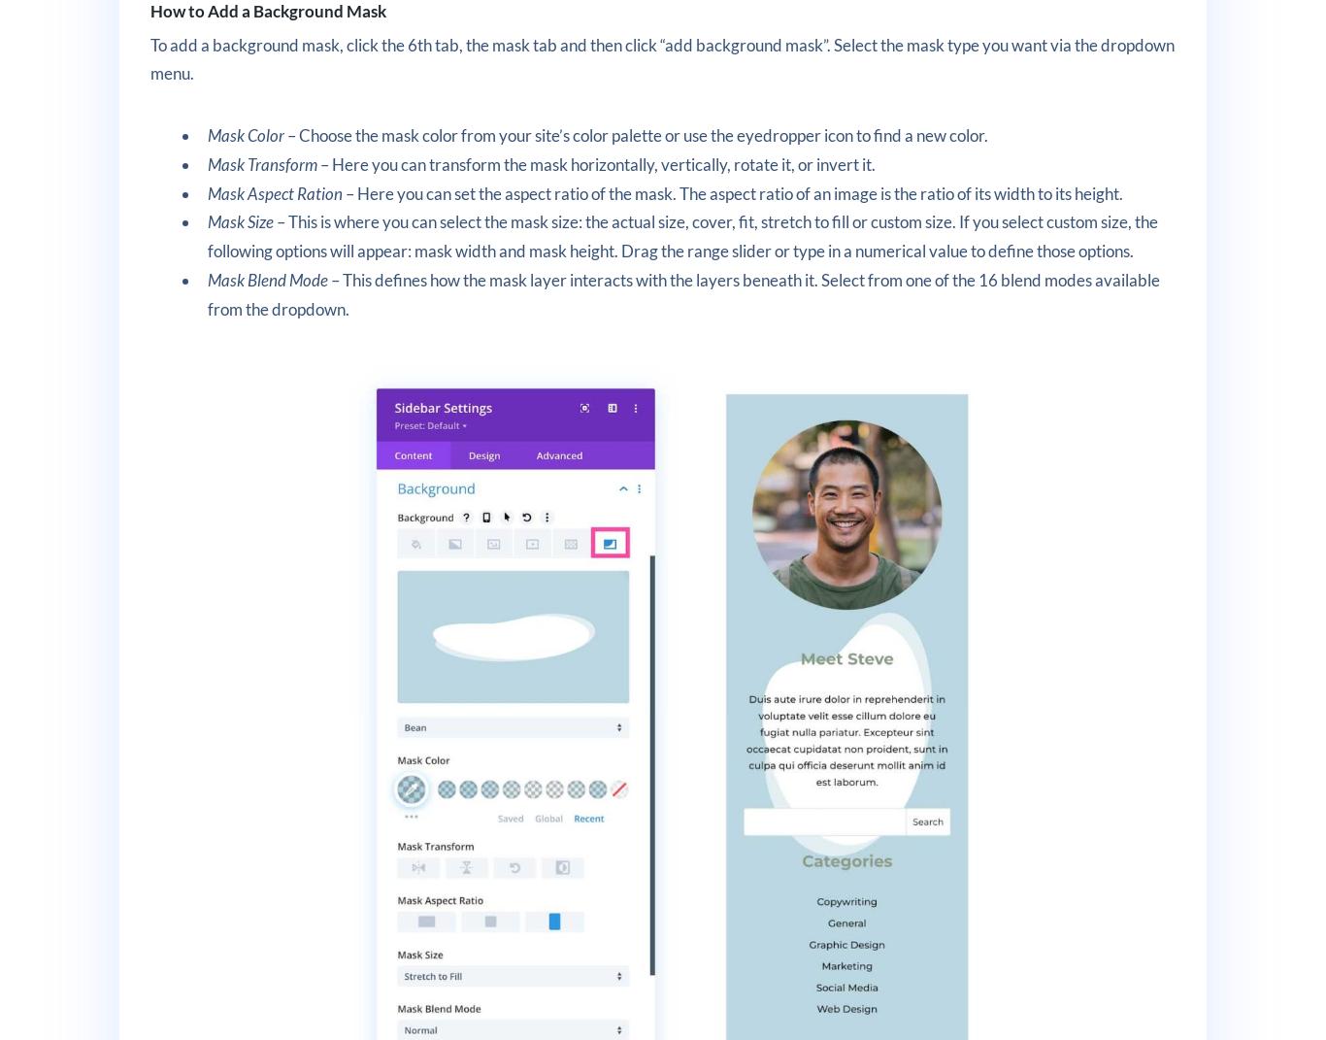 Image resolution: width=1326 pixels, height=1040 pixels. What do you see at coordinates (683, 293) in the screenshot?
I see `'– This defines how the mask layer interacts with the layers beneath it. Select from one of the 16 blend modes available from the dropdown.'` at bounding box center [683, 293].